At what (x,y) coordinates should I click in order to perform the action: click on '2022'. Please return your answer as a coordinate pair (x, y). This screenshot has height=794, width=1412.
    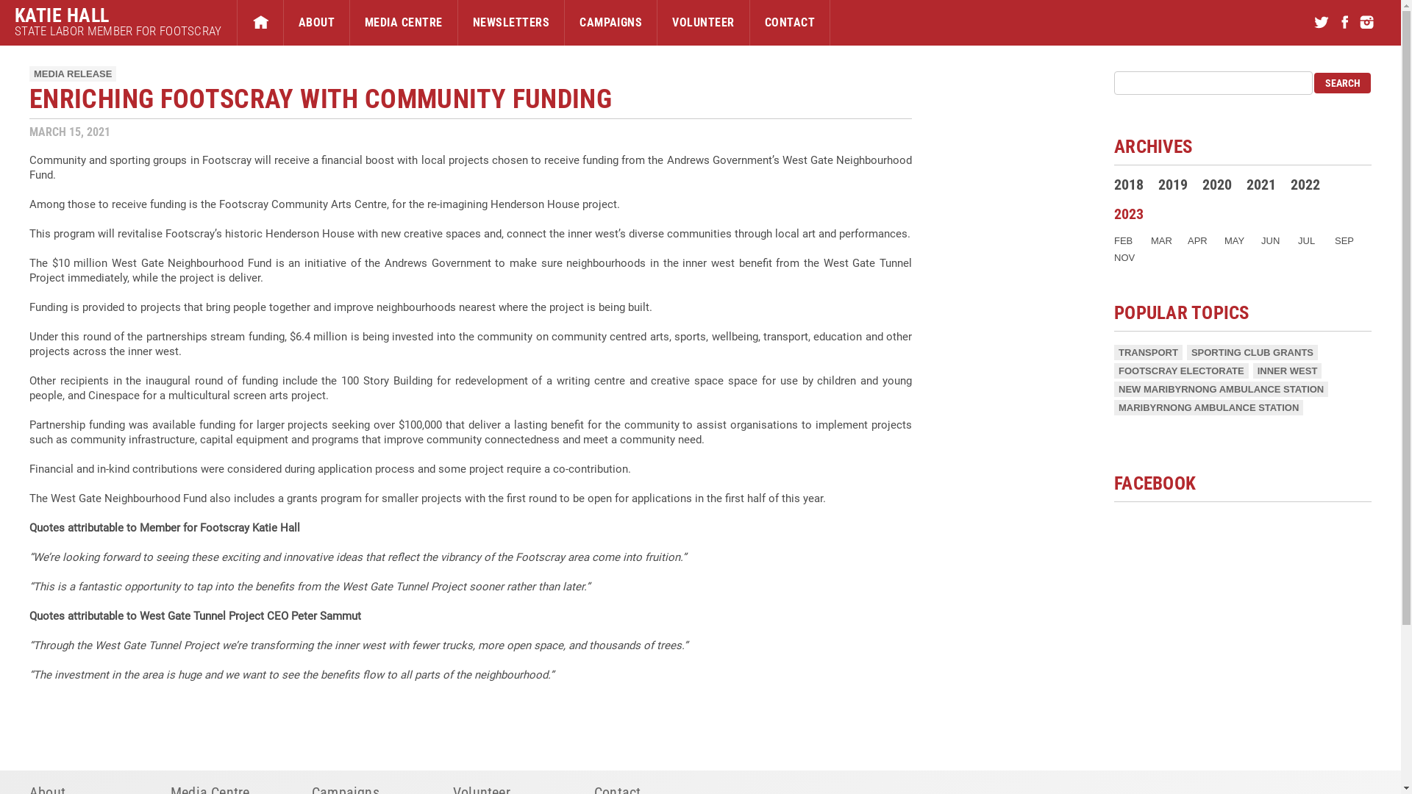
    Looking at the image, I should click on (1305, 183).